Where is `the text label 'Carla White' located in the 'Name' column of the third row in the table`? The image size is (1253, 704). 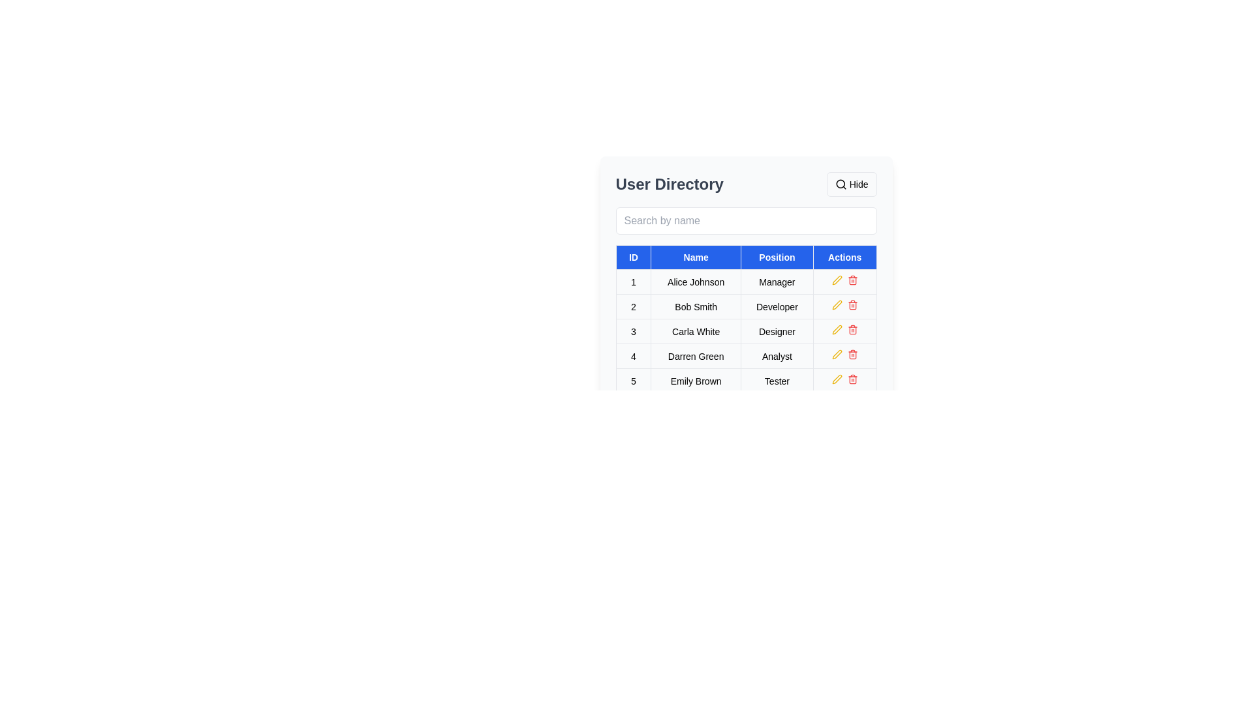
the text label 'Carla White' located in the 'Name' column of the third row in the table is located at coordinates (695, 330).